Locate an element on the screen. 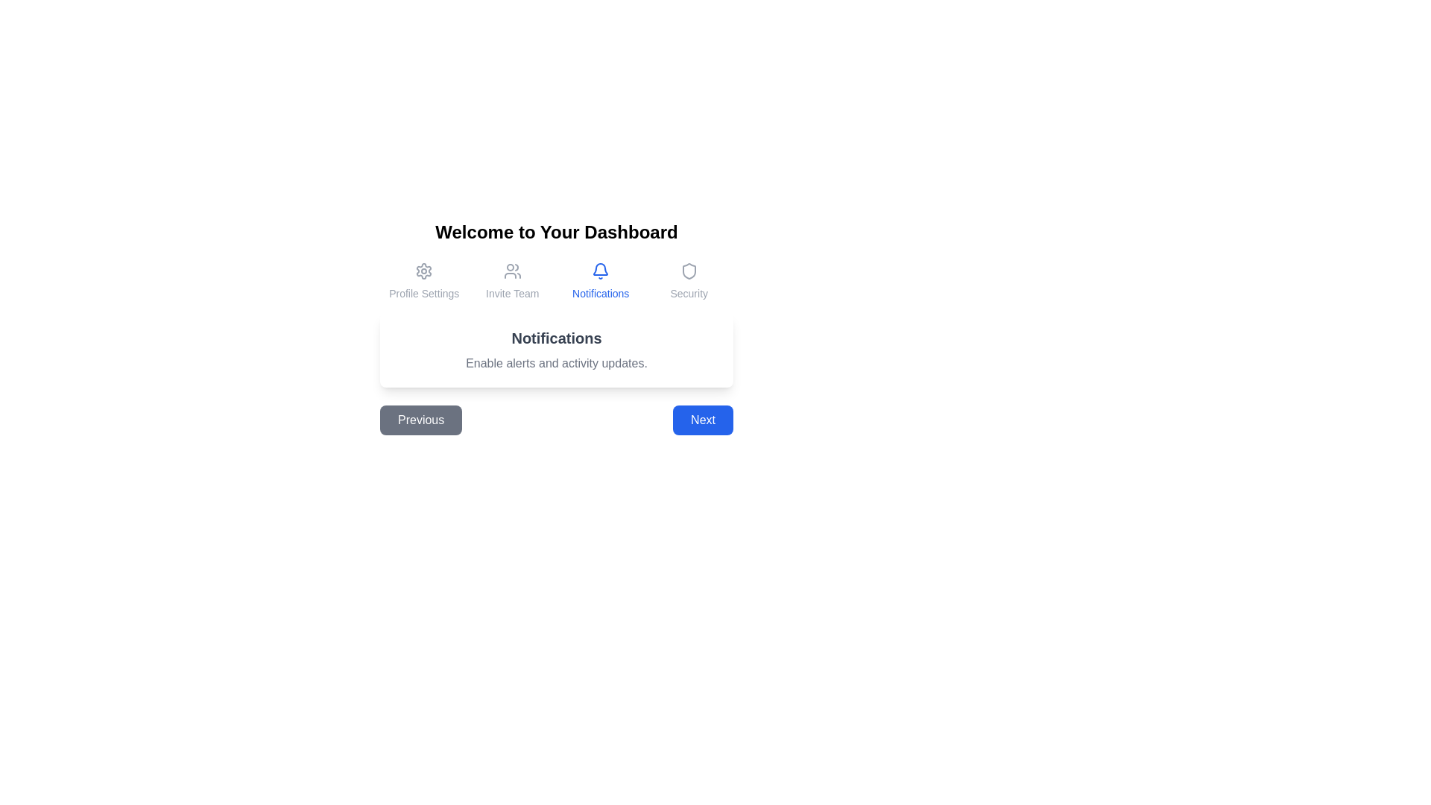 Image resolution: width=1431 pixels, height=805 pixels. keyboard navigation is located at coordinates (512, 282).